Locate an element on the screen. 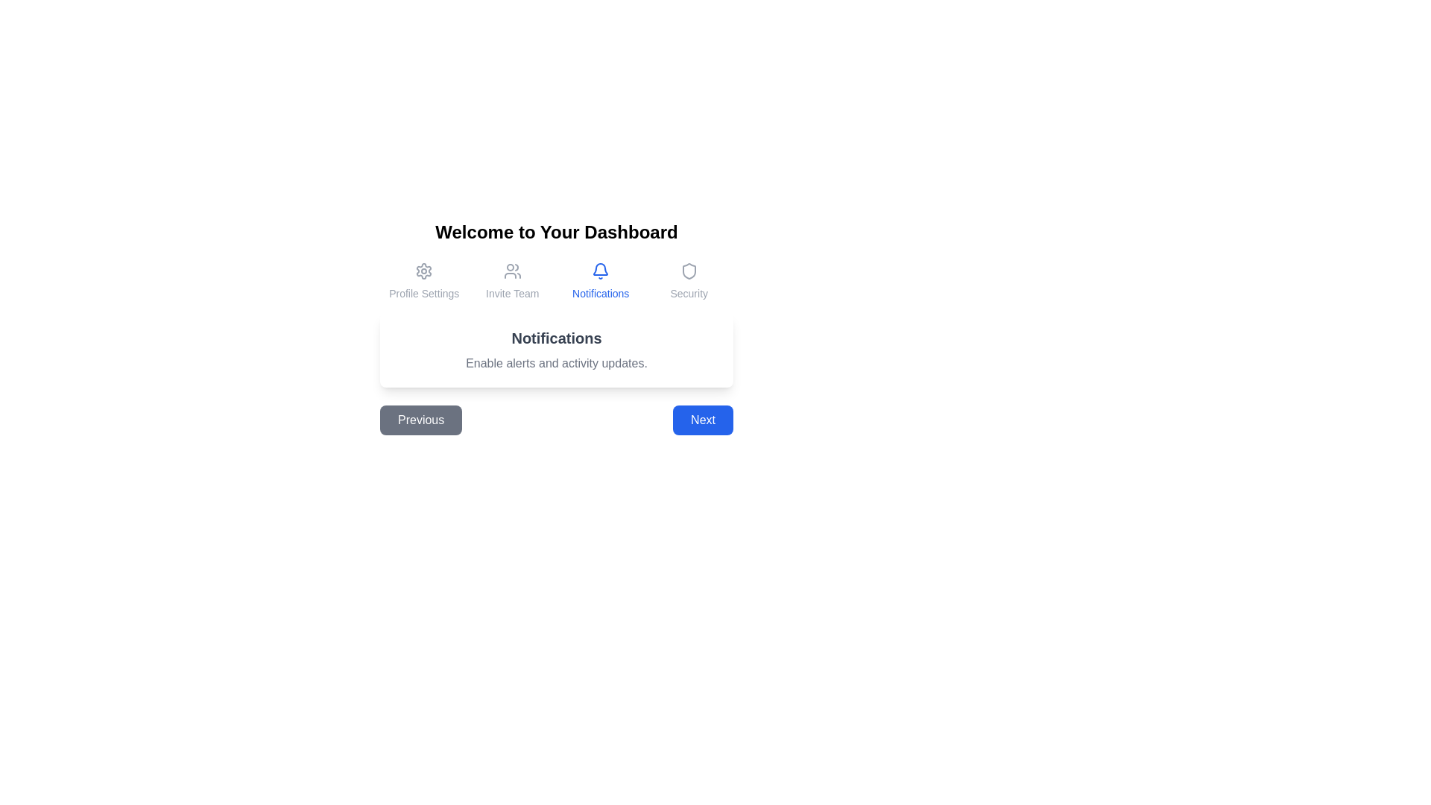 Image resolution: width=1431 pixels, height=805 pixels. keyboard navigation is located at coordinates (512, 282).